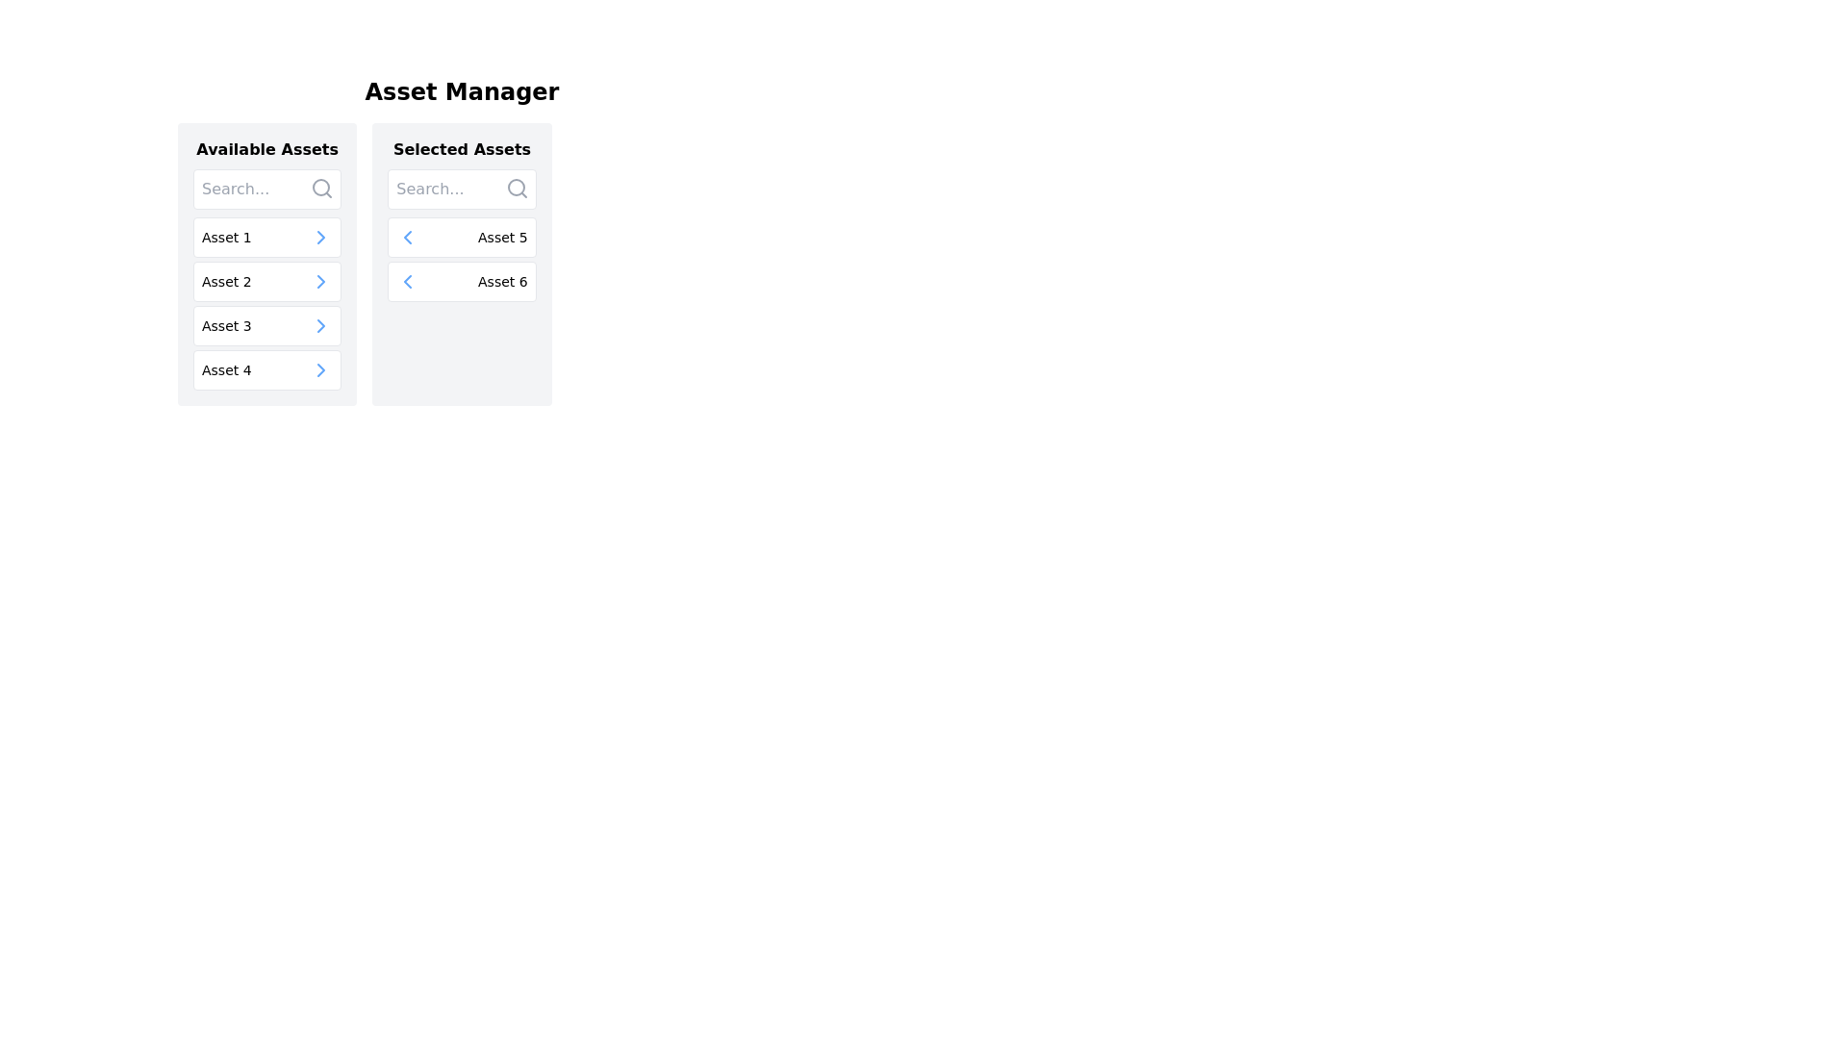 This screenshot has width=1847, height=1039. Describe the element at coordinates (462, 236) in the screenshot. I see `the selected list item labeled 'Asset 5'` at that location.